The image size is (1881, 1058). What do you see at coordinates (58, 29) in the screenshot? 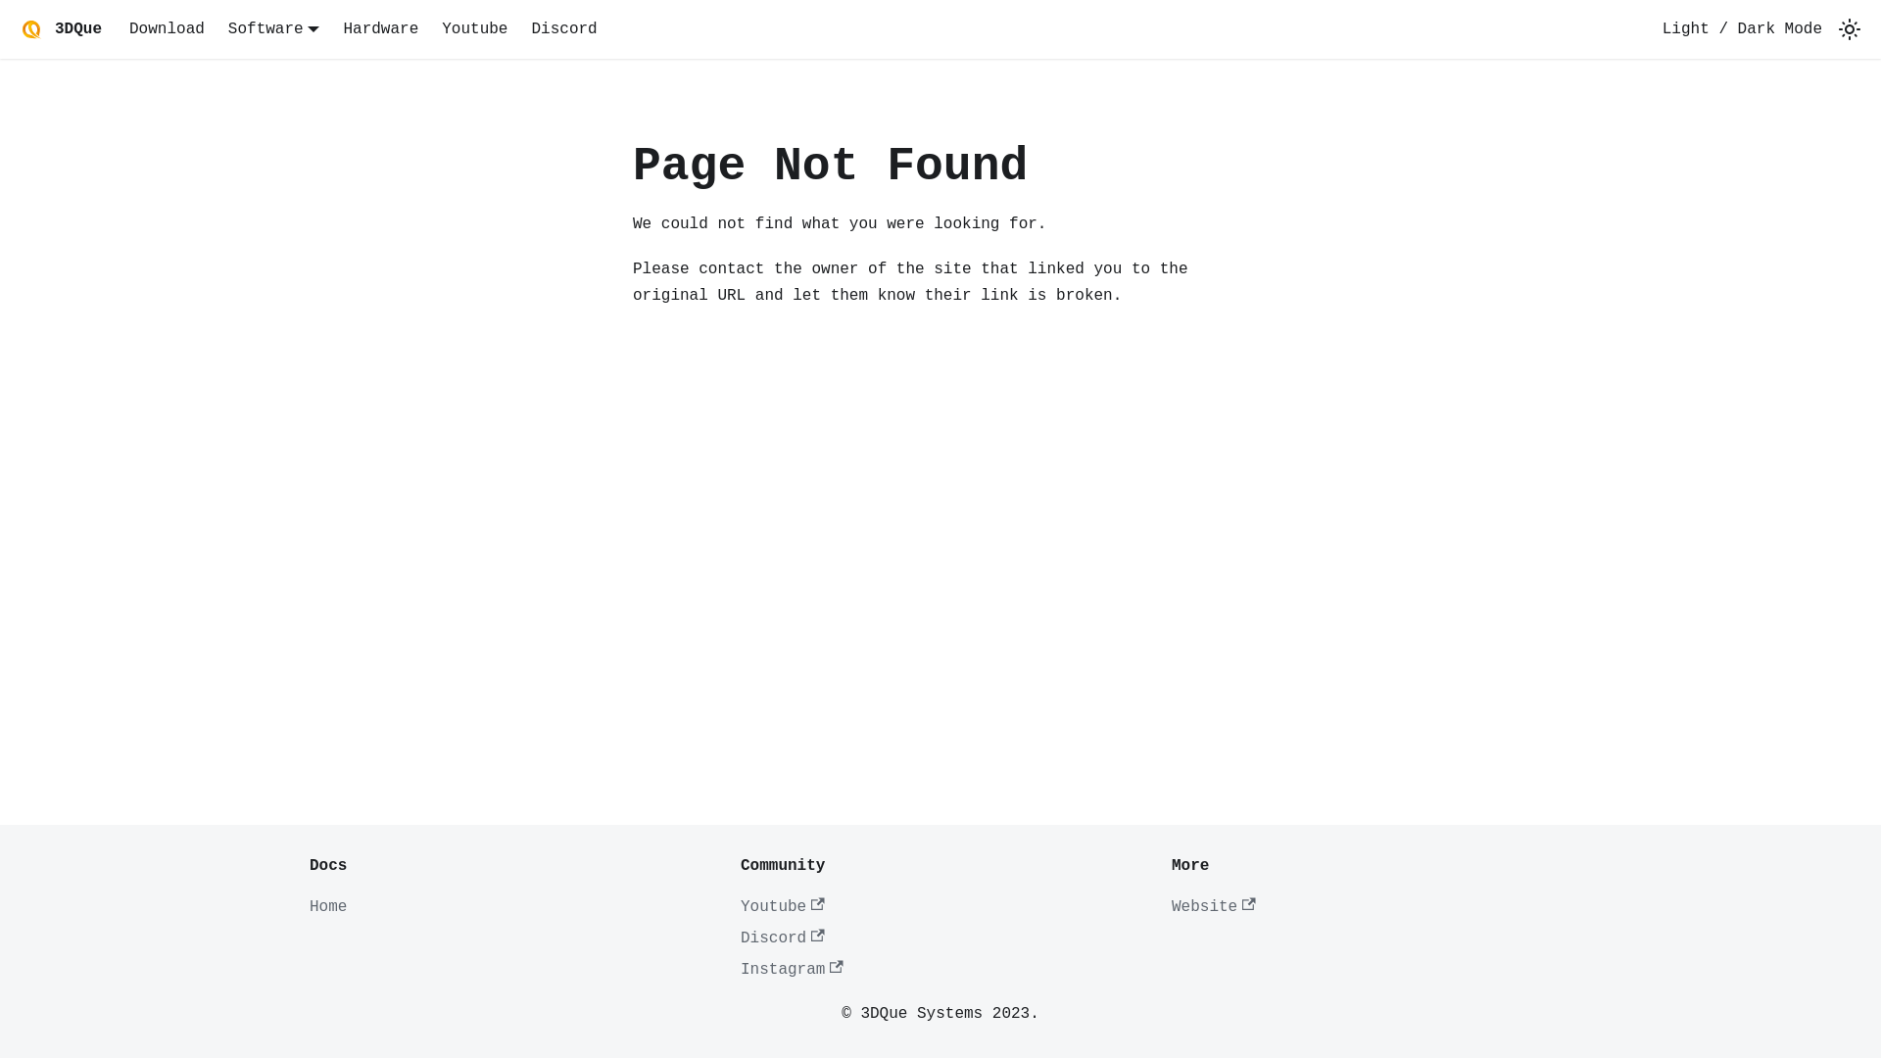
I see `'3DQue'` at bounding box center [58, 29].